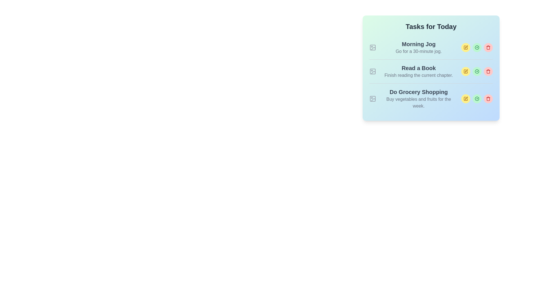  I want to click on the complete button of the second task item in the 'Tasks for Today' list to mark it as done, so click(431, 71).